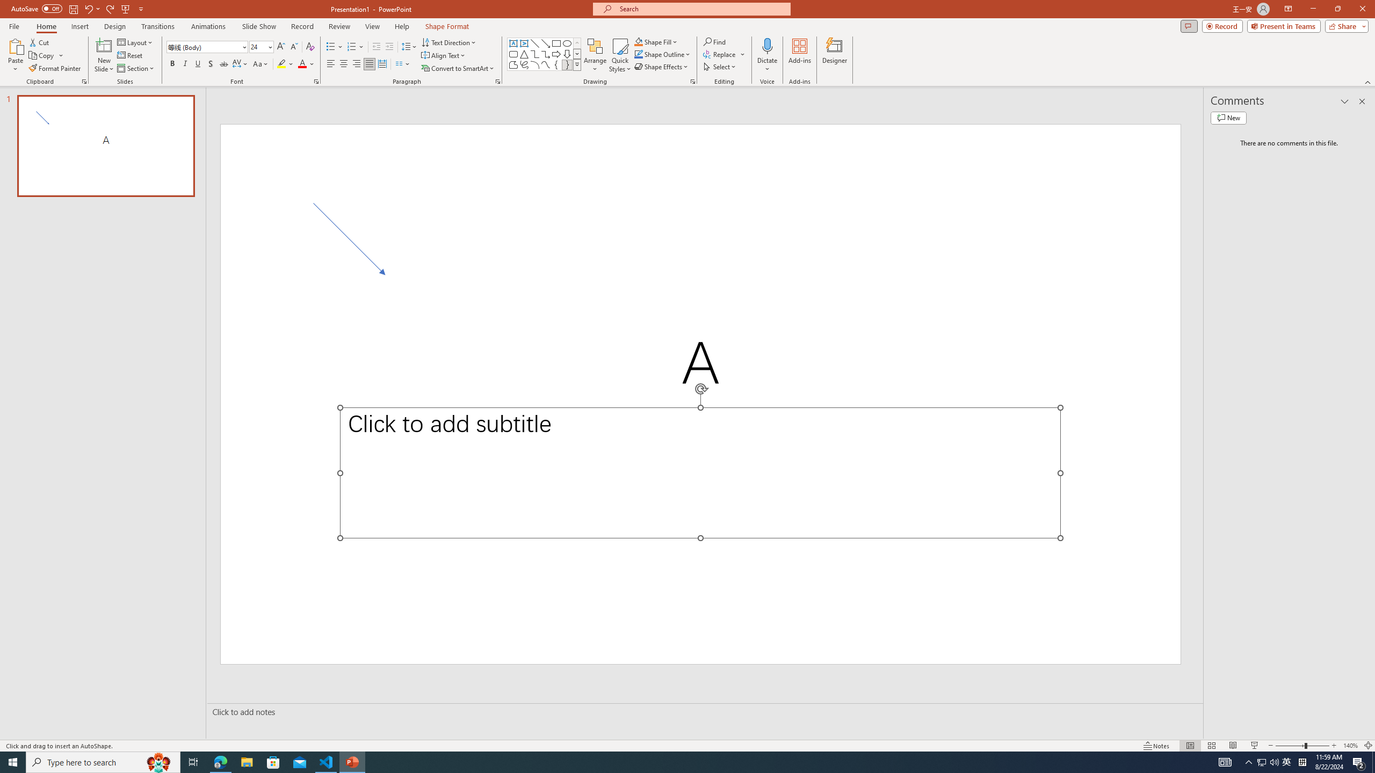  I want to click on 'Decrease Indent', so click(377, 47).